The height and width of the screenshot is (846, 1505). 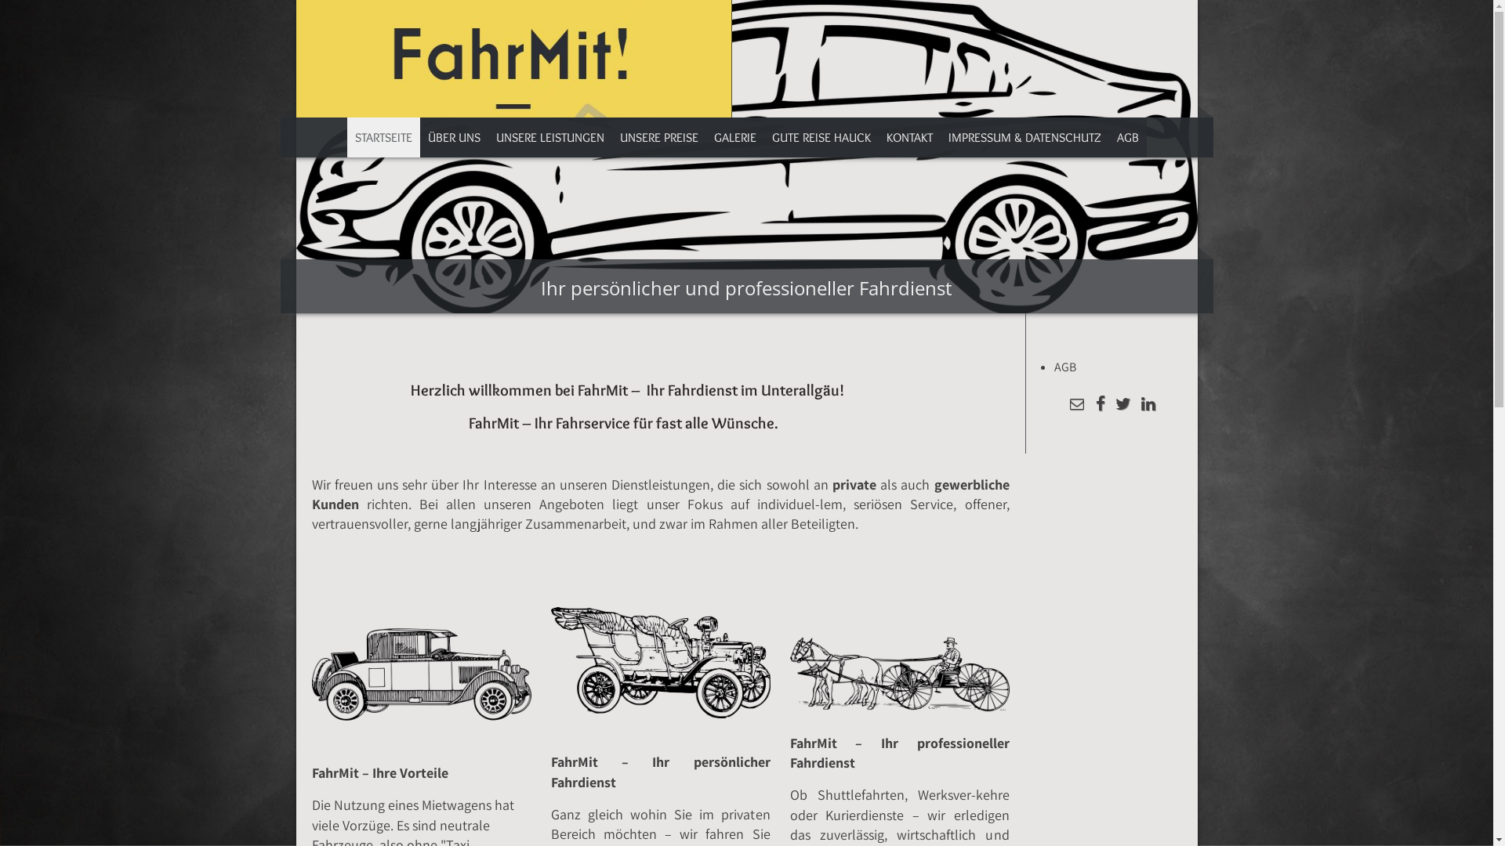 I want to click on 'Twitter', so click(x=1122, y=404).